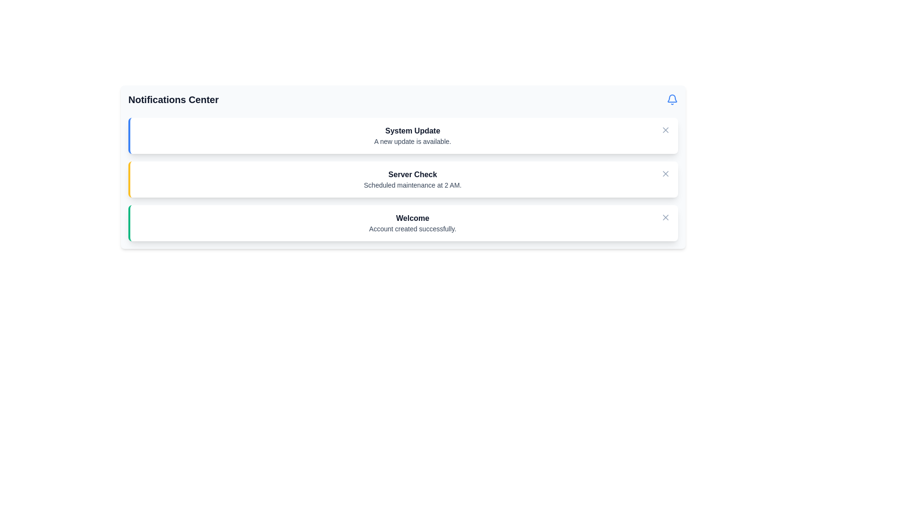  Describe the element at coordinates (672, 99) in the screenshot. I see `the bell-shaped notification icon with a blue outline located at the top-right corner of the Notifications Center` at that location.